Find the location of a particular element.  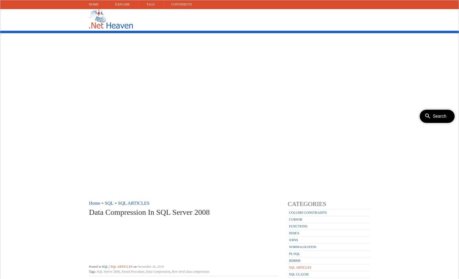

'|' is located at coordinates (108, 267).